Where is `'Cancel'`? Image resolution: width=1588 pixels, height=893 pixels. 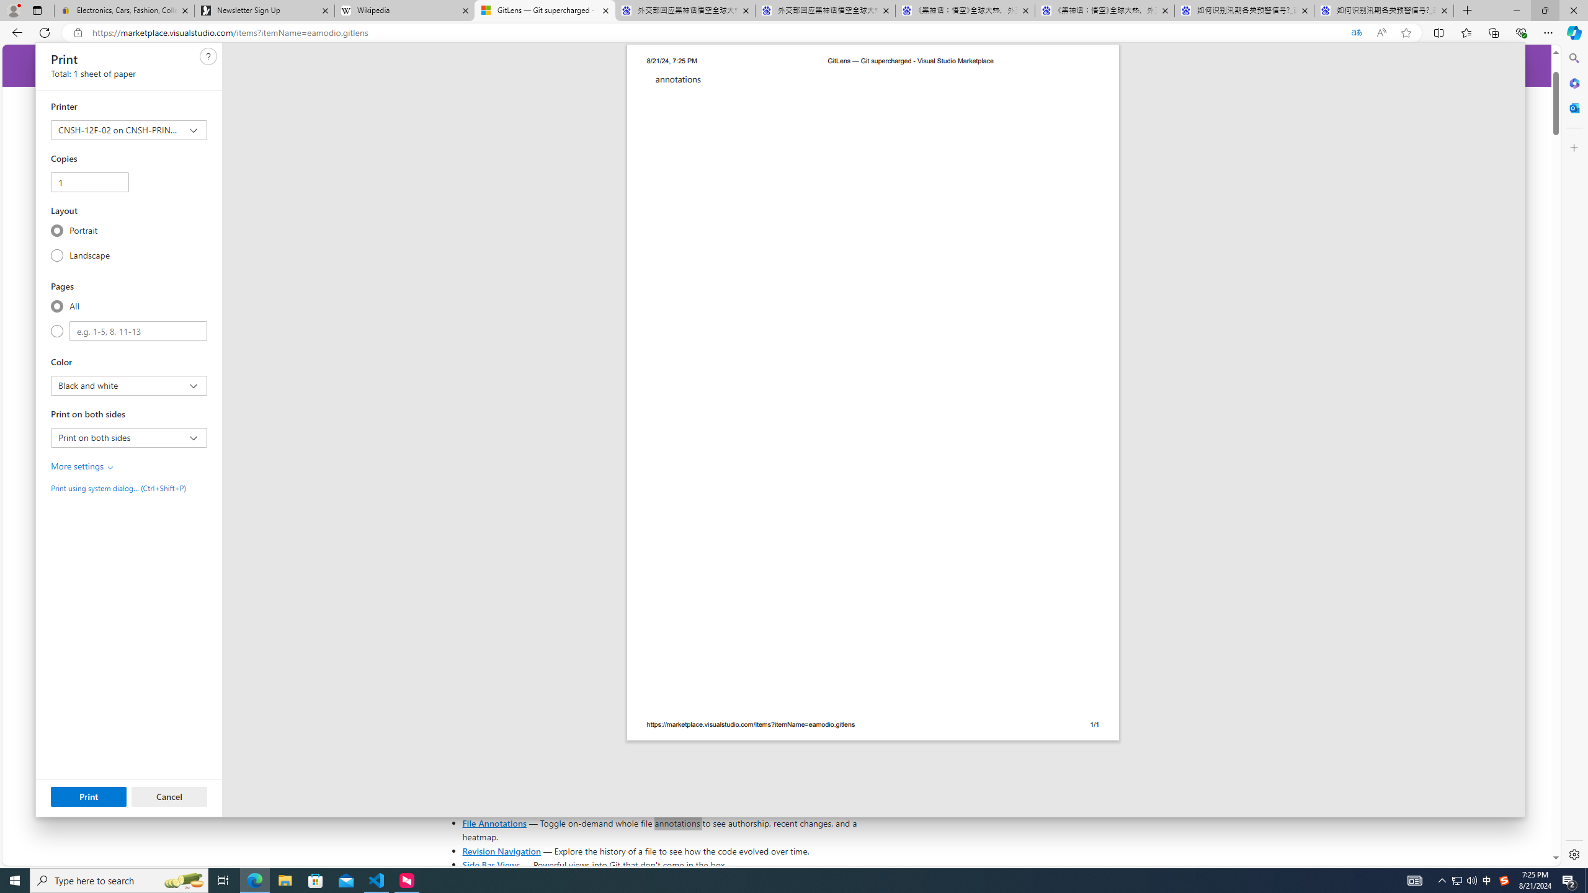 'Cancel' is located at coordinates (169, 796).